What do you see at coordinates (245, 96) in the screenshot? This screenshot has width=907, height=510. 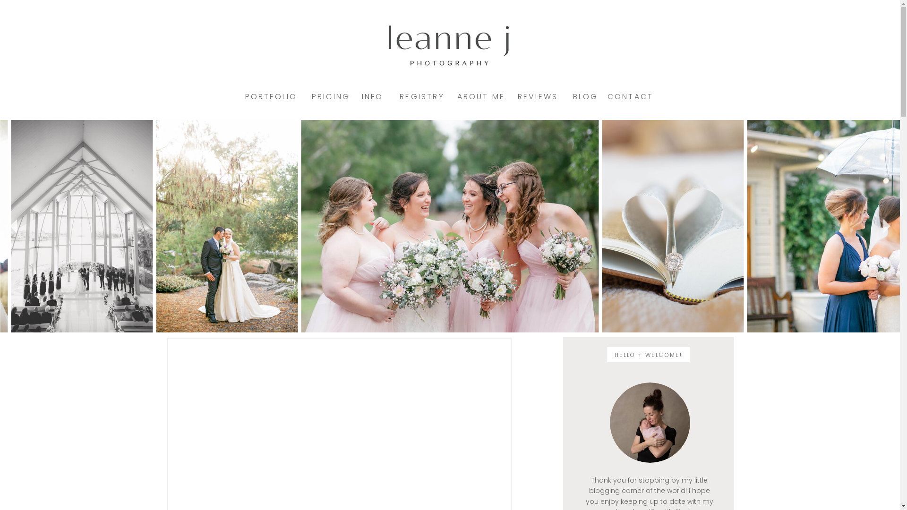 I see `'PORTFOLIO'` at bounding box center [245, 96].